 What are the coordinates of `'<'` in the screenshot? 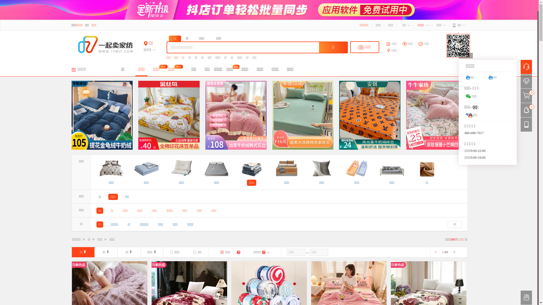 It's located at (430, 252).